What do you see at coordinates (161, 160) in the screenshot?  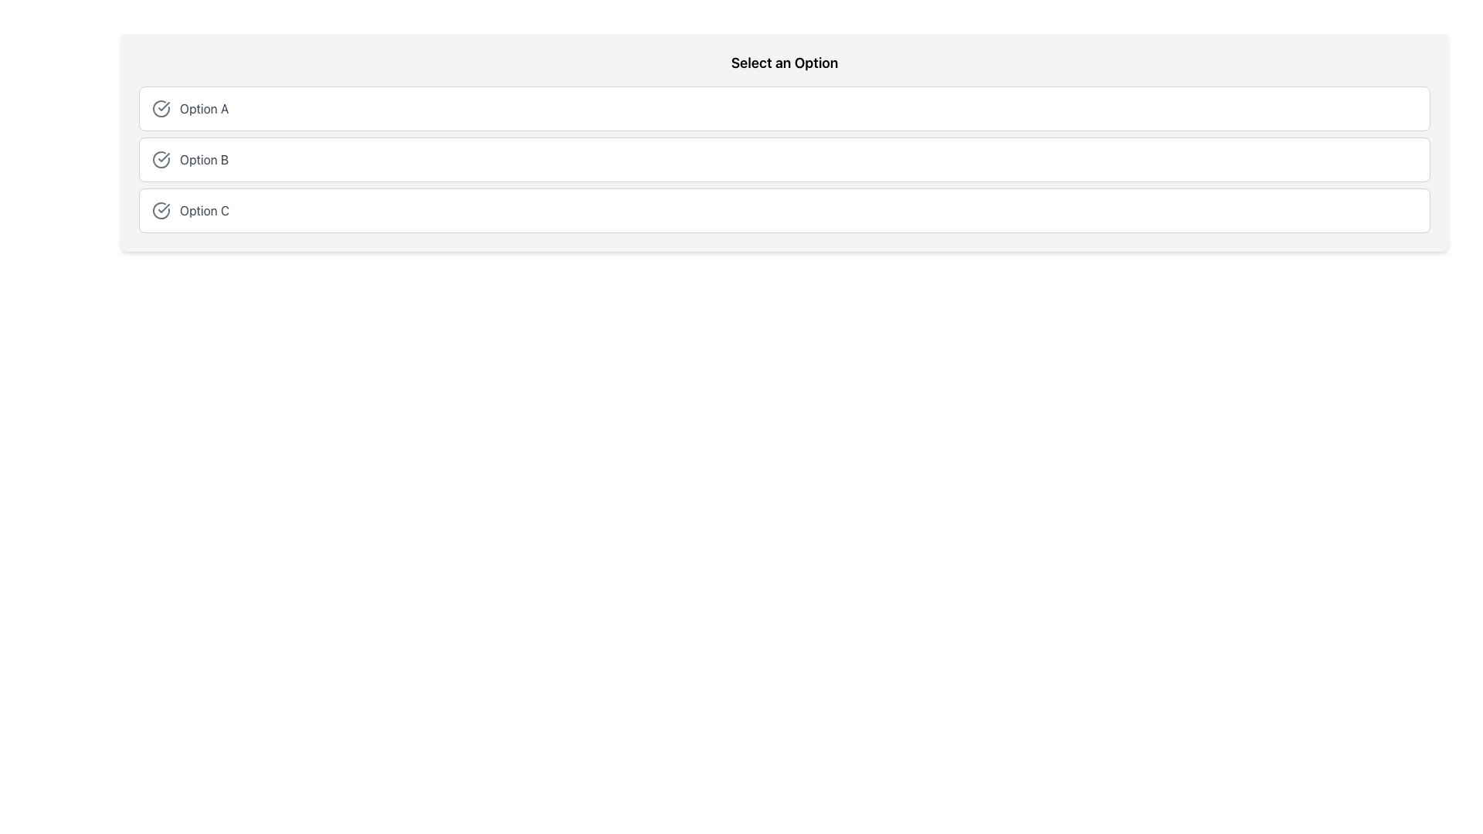 I see `the circular checkmark icon with a gray stroke effect located in the 'Option B' row, positioned on the left side adjacent to the text 'Option B'` at bounding box center [161, 160].